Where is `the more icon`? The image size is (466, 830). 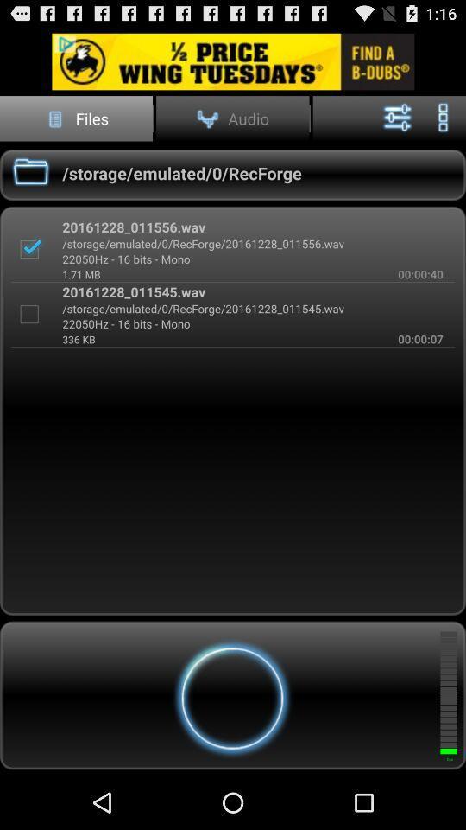 the more icon is located at coordinates (443, 124).